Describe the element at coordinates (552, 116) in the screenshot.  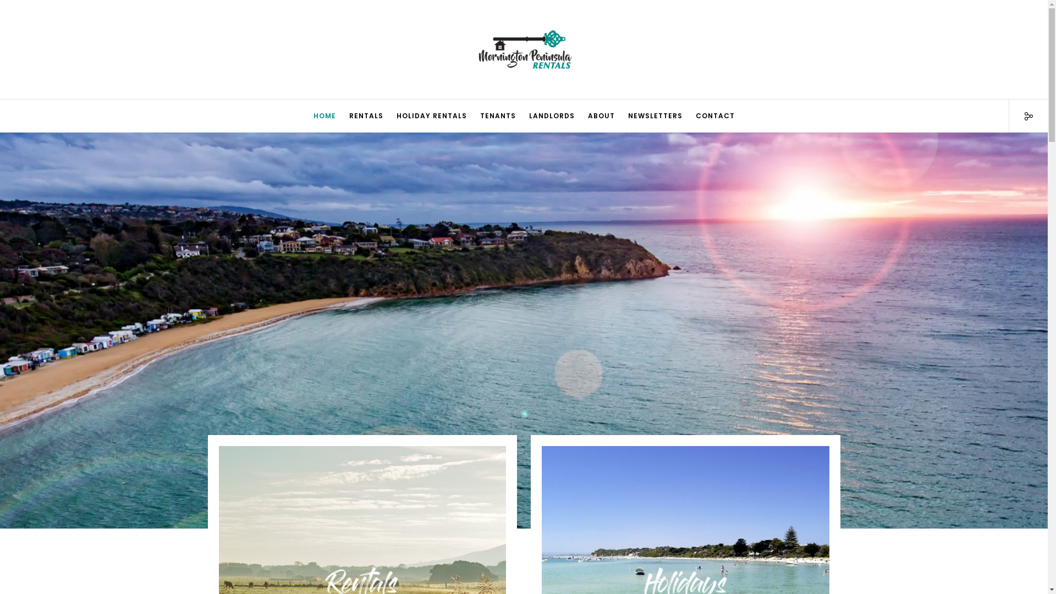
I see `'LANDLORDS'` at that location.